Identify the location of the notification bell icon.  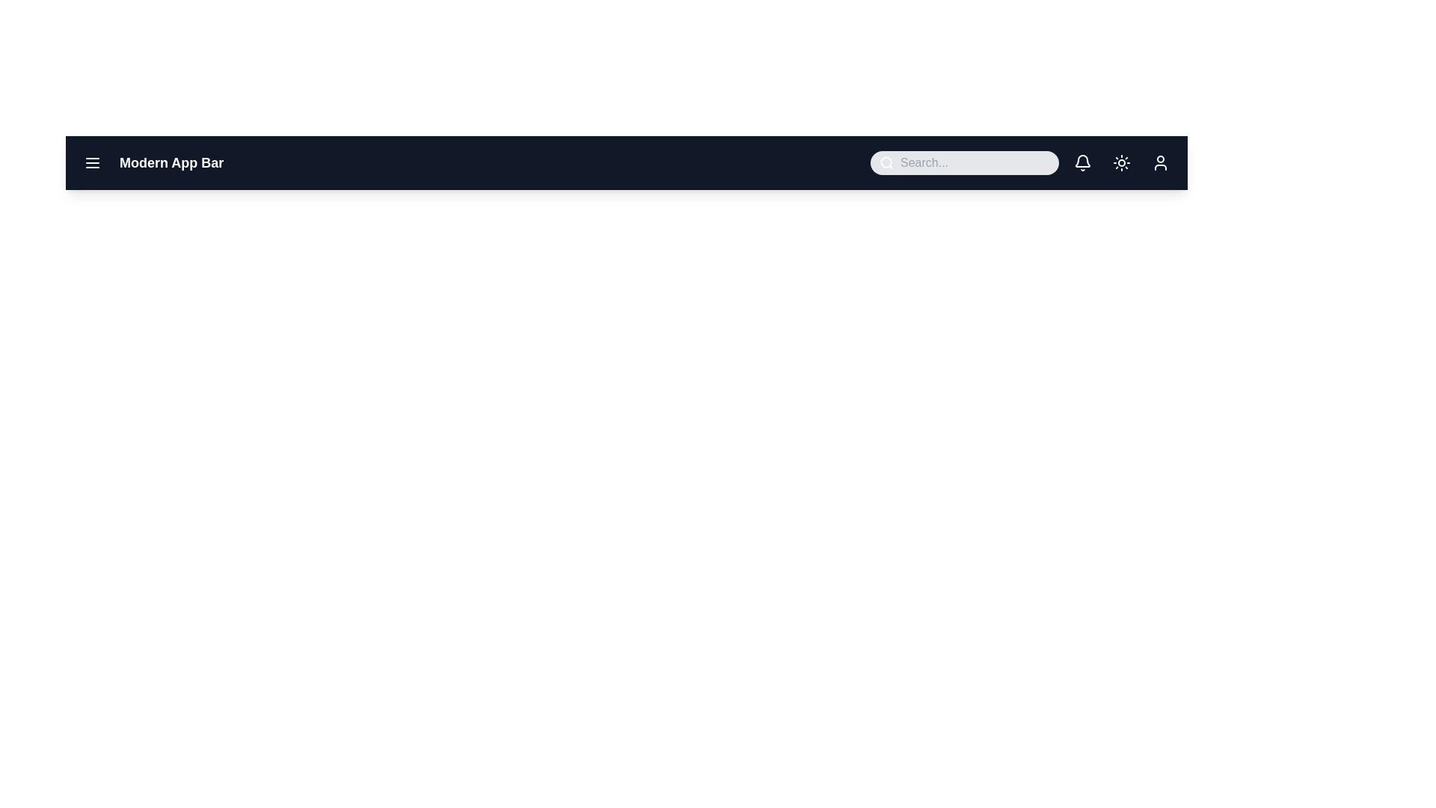
(1083, 163).